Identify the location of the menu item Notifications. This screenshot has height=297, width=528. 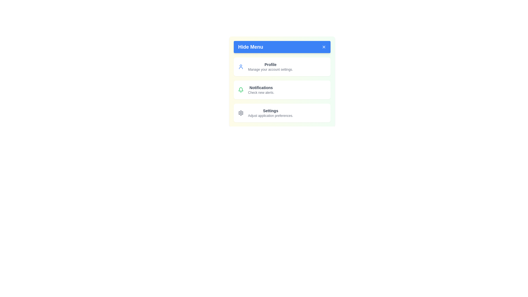
(282, 90).